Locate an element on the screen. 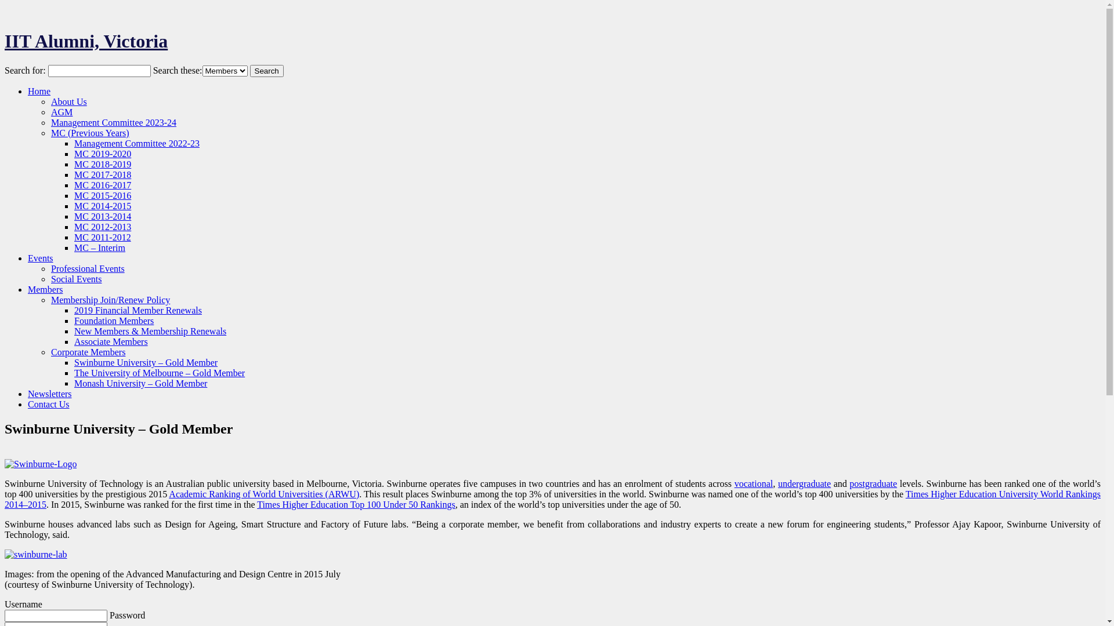  'Members' is located at coordinates (45, 289).